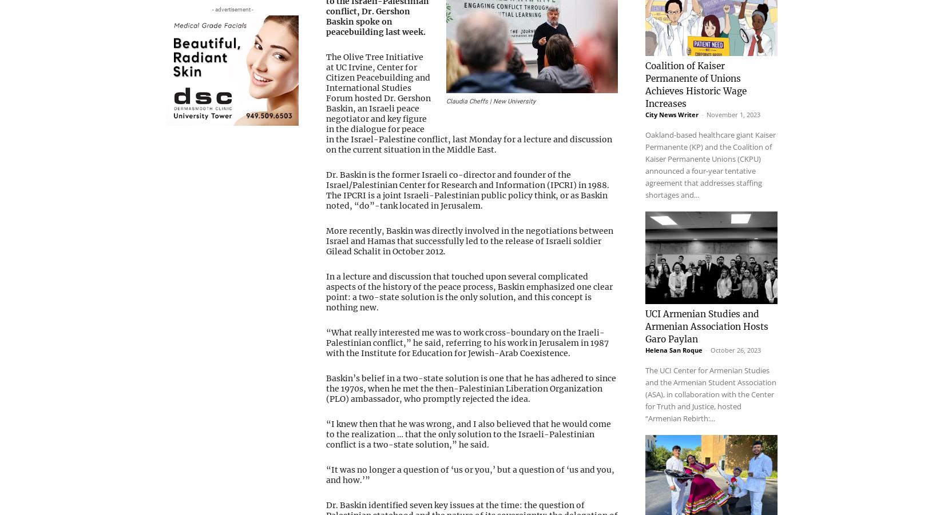  I want to click on 'November 1, 2023', so click(733, 98).